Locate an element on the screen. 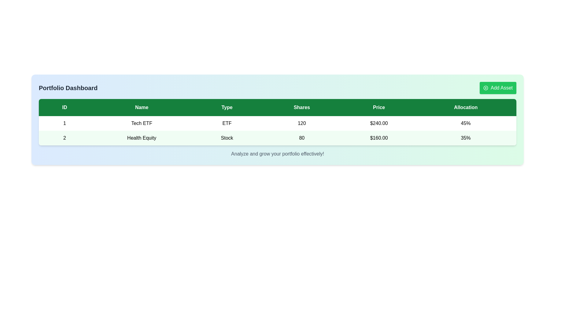 The height and width of the screenshot is (330, 587). the Text label displaying the allocation percentage value next to the values '$240.00' and '35%' in the 'Allocation' column of the table row is located at coordinates (465, 123).